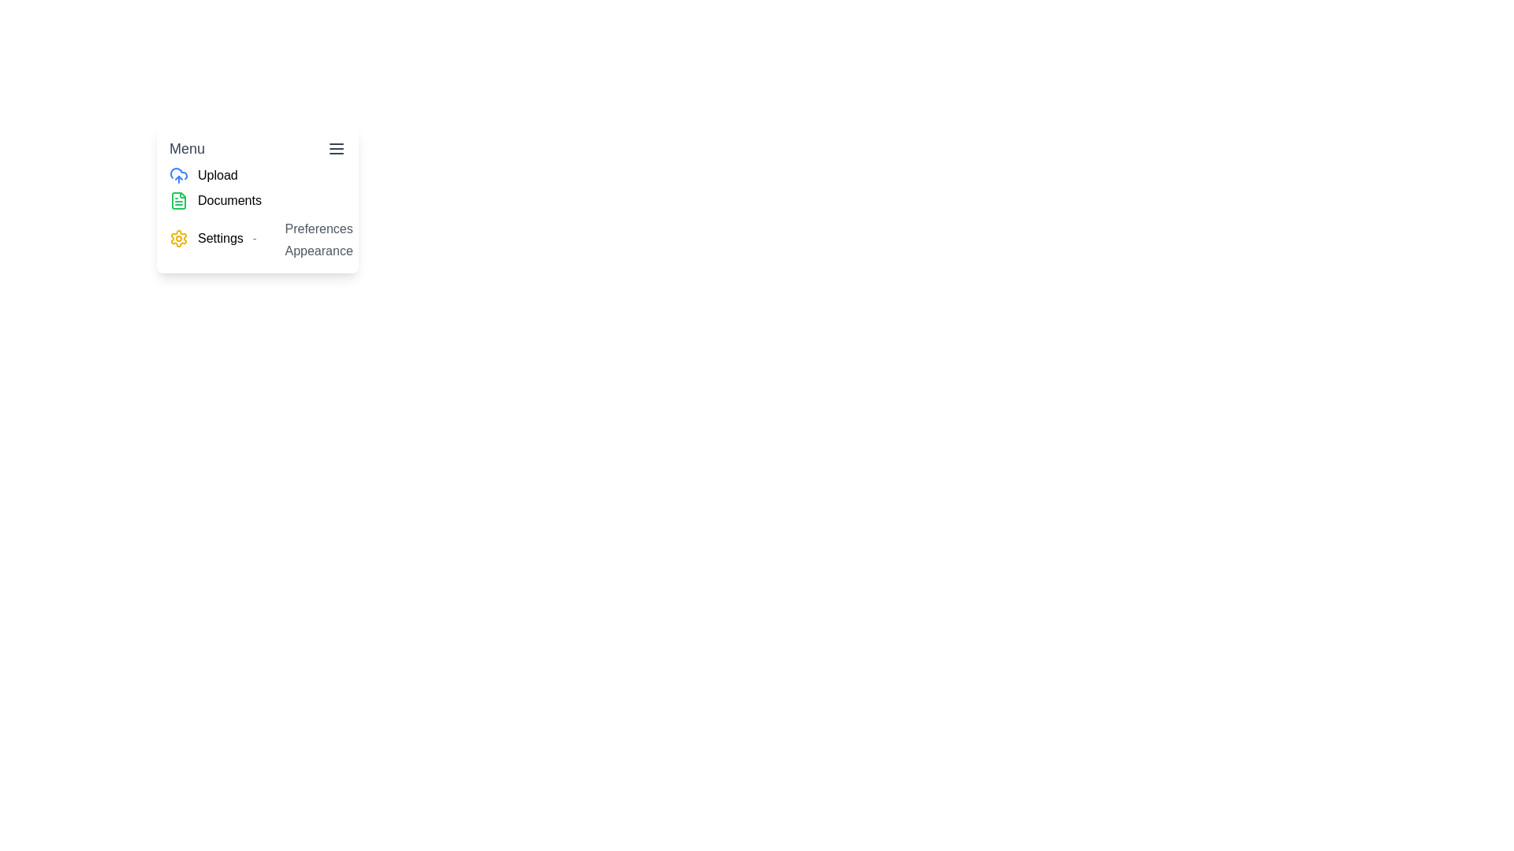  I want to click on the settings menu item located in the left section of the vertical menu, which is the third option after 'Upload' and 'Documents', so click(257, 239).